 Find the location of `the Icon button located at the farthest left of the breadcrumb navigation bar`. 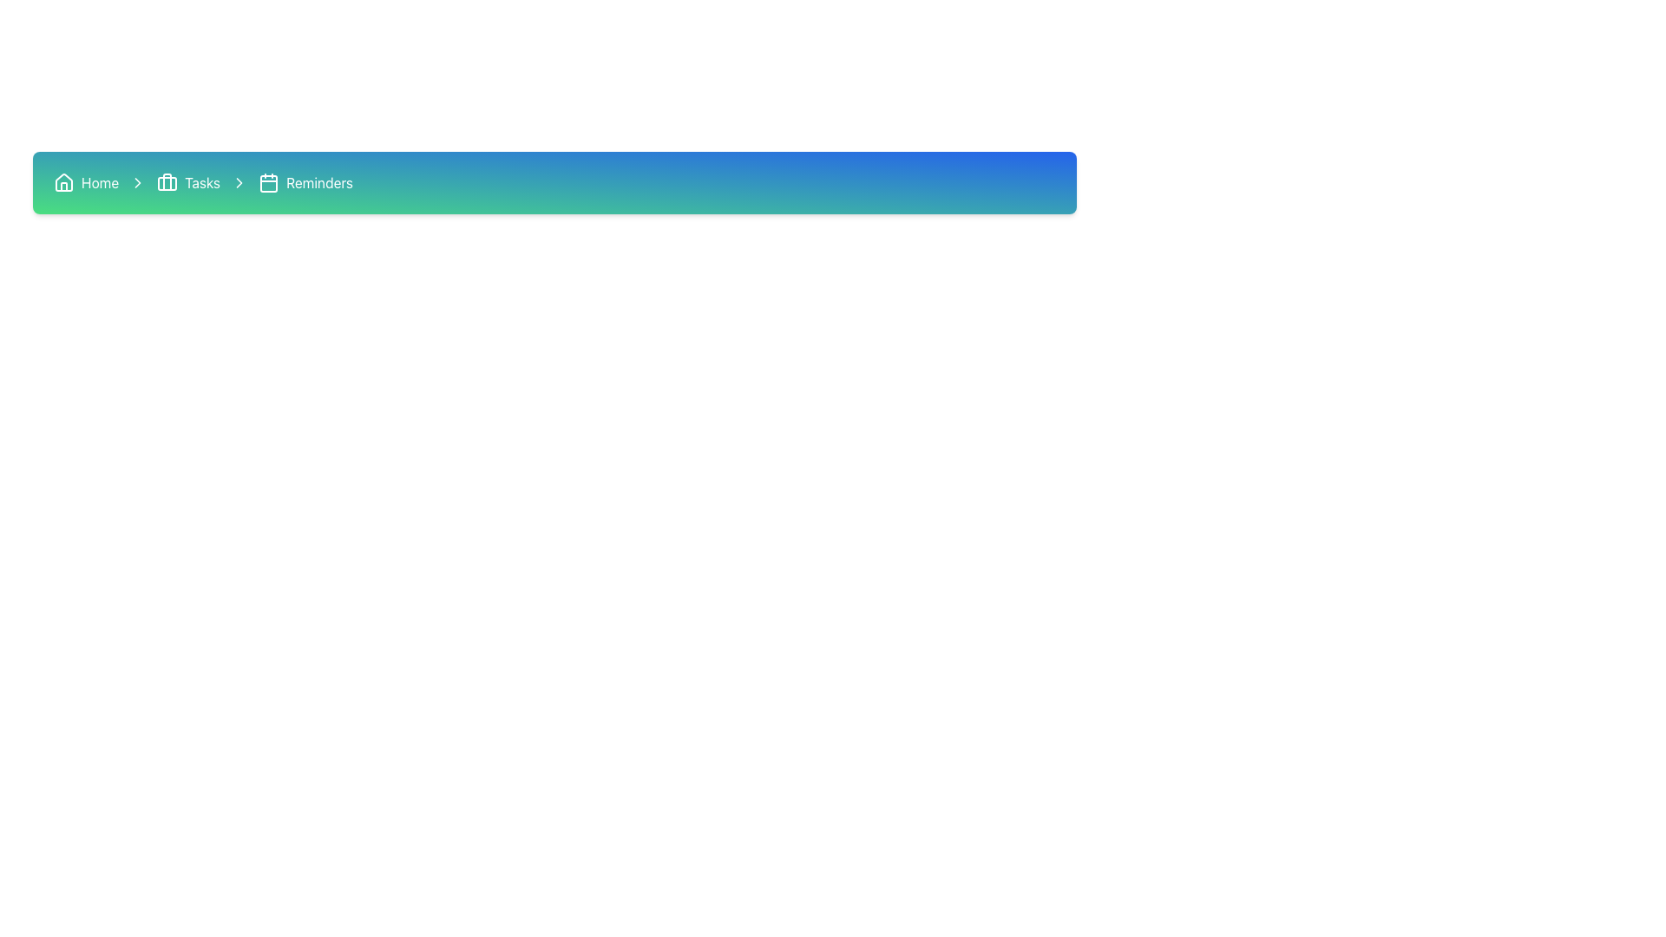

the Icon button located at the farthest left of the breadcrumb navigation bar is located at coordinates (63, 181).